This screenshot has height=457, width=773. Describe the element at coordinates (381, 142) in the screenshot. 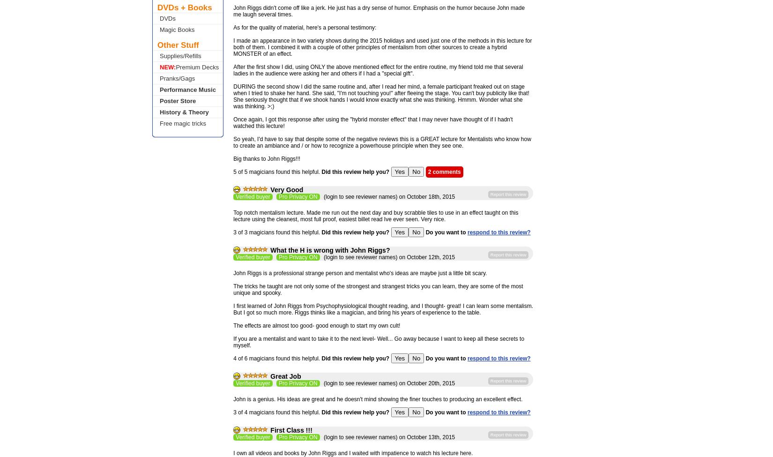

I see `'So yeah, I'd have to say that despite some of the negative
reviews this is a GREAT lecture for Mentalists who know how to create an ambiance and / or how to
recognize a powerhouse principle when they see one.'` at that location.